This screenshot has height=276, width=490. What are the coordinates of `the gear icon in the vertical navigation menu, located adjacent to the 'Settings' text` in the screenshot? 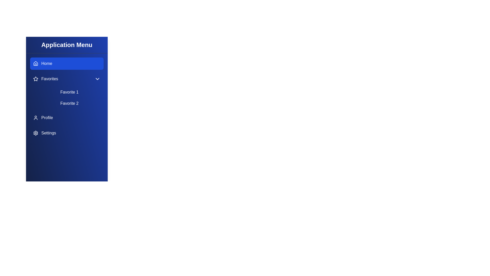 It's located at (35, 133).